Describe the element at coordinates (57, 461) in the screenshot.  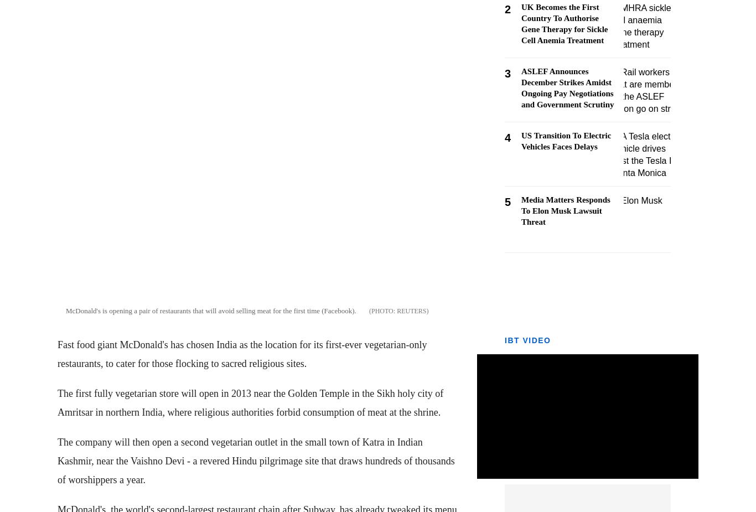
I see `'The company will then open a second vegetarian outlet in the small town of Katra in Indian Kashmir, near the Vaishno Devi - a revered Hindu pilgrimage site that draws hundreds of thousands of worshippers a year.'` at that location.